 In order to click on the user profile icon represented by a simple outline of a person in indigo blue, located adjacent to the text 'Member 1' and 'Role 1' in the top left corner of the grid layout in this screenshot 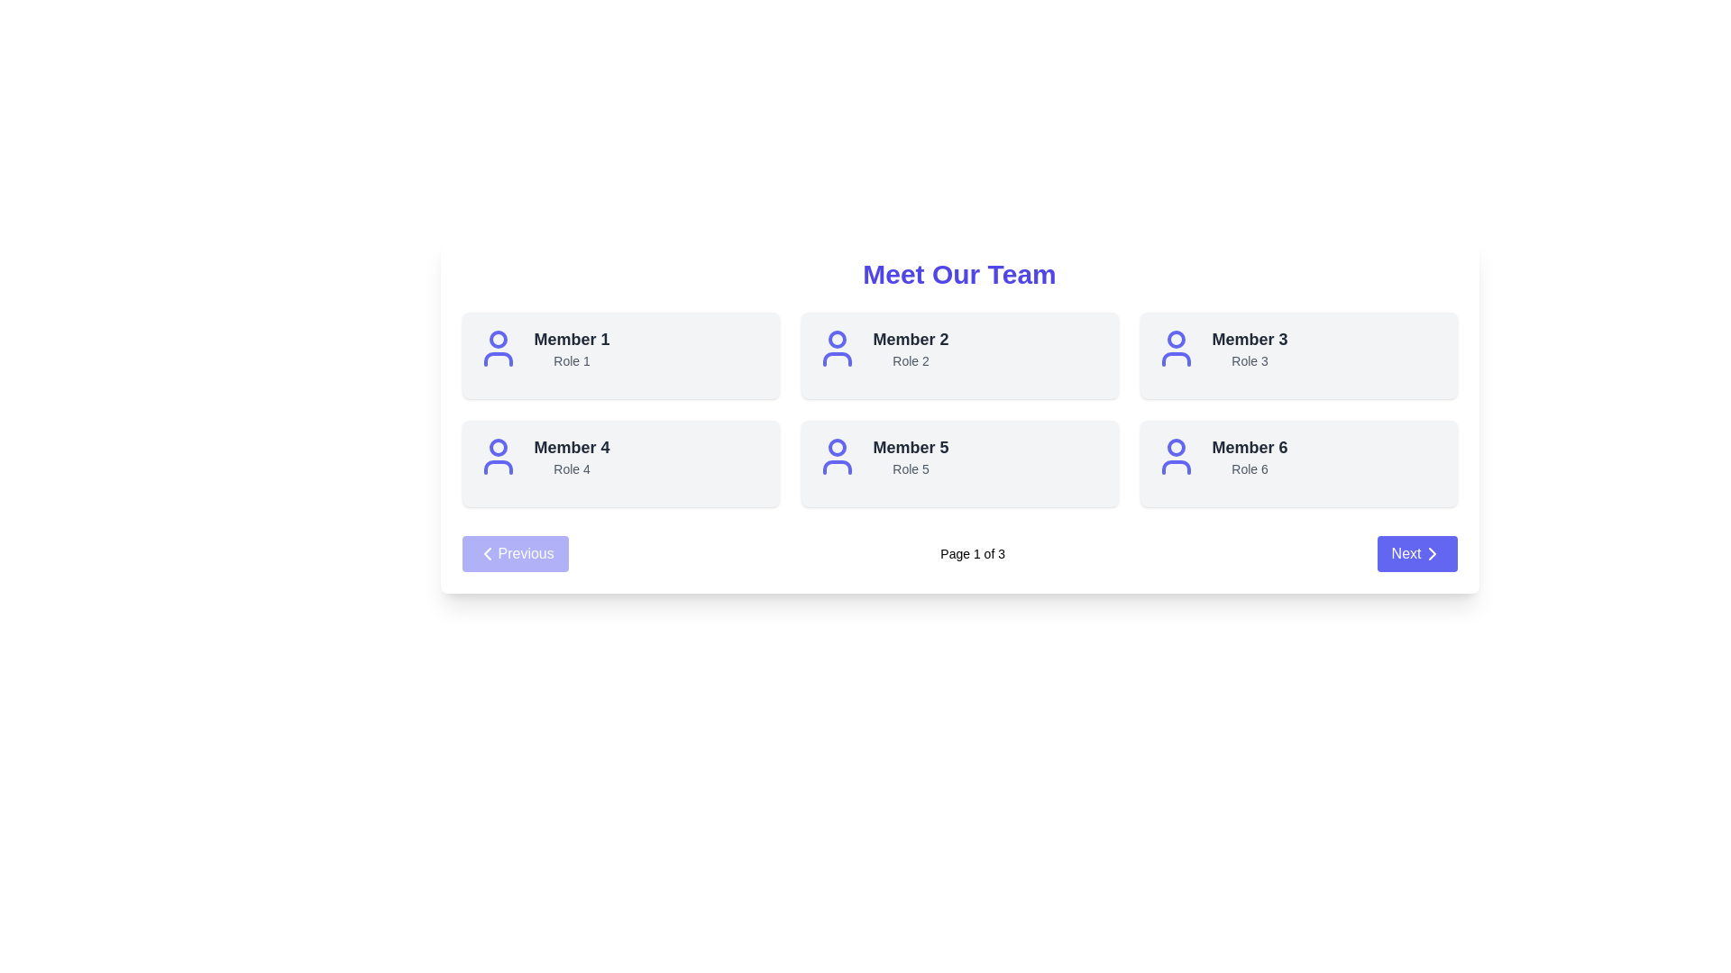, I will do `click(498, 348)`.